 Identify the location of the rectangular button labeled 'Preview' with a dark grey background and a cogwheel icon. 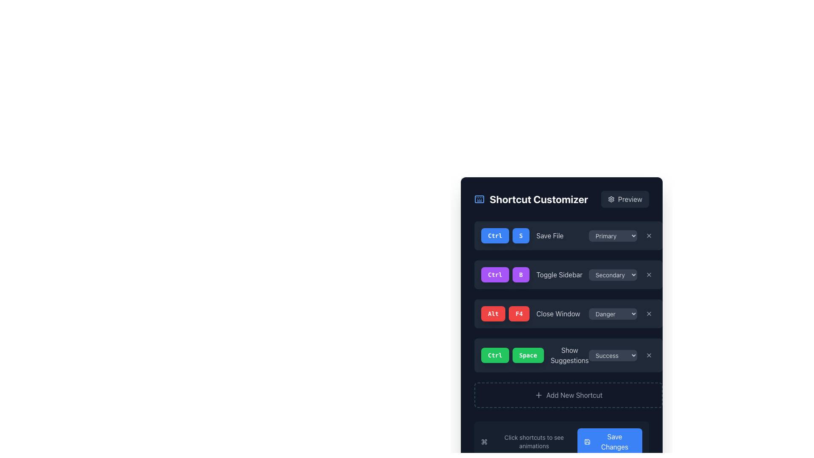
(624, 199).